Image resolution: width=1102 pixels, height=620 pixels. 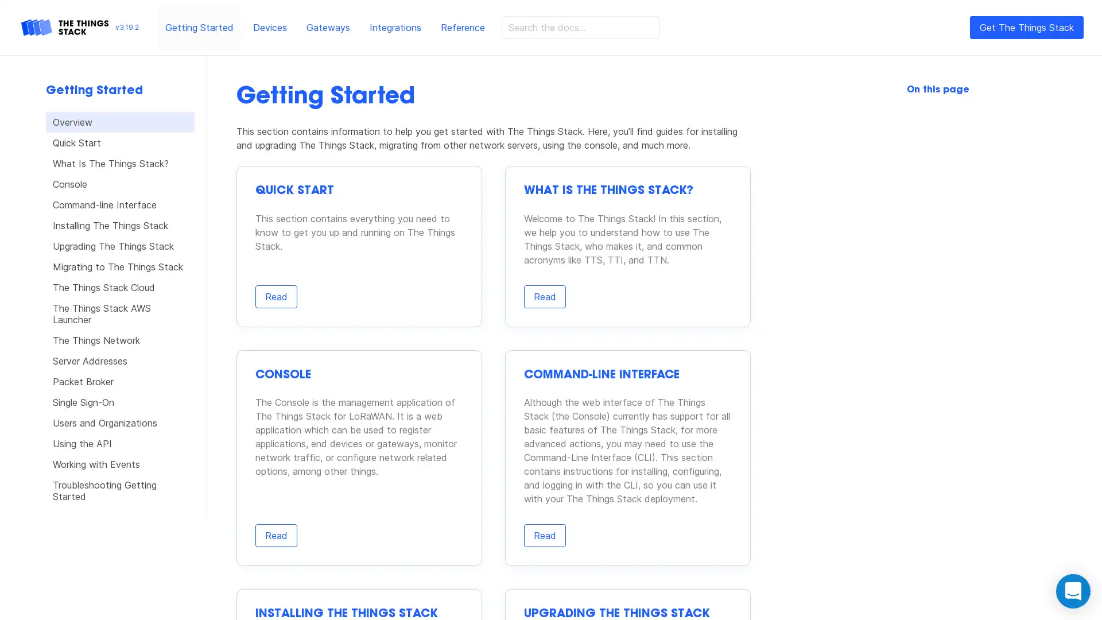 What do you see at coordinates (1073, 591) in the screenshot?
I see `Open Intercom Messenger` at bounding box center [1073, 591].